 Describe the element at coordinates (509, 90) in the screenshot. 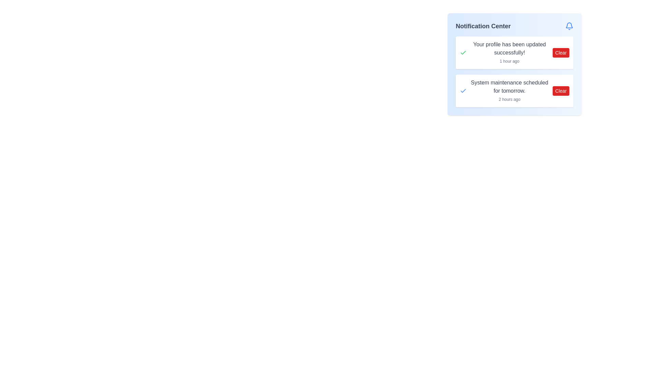

I see `notification content displayed in the second notification card below the 'Your profile has been updated successfully!' card, located to the left of the 'Clear' button` at that location.